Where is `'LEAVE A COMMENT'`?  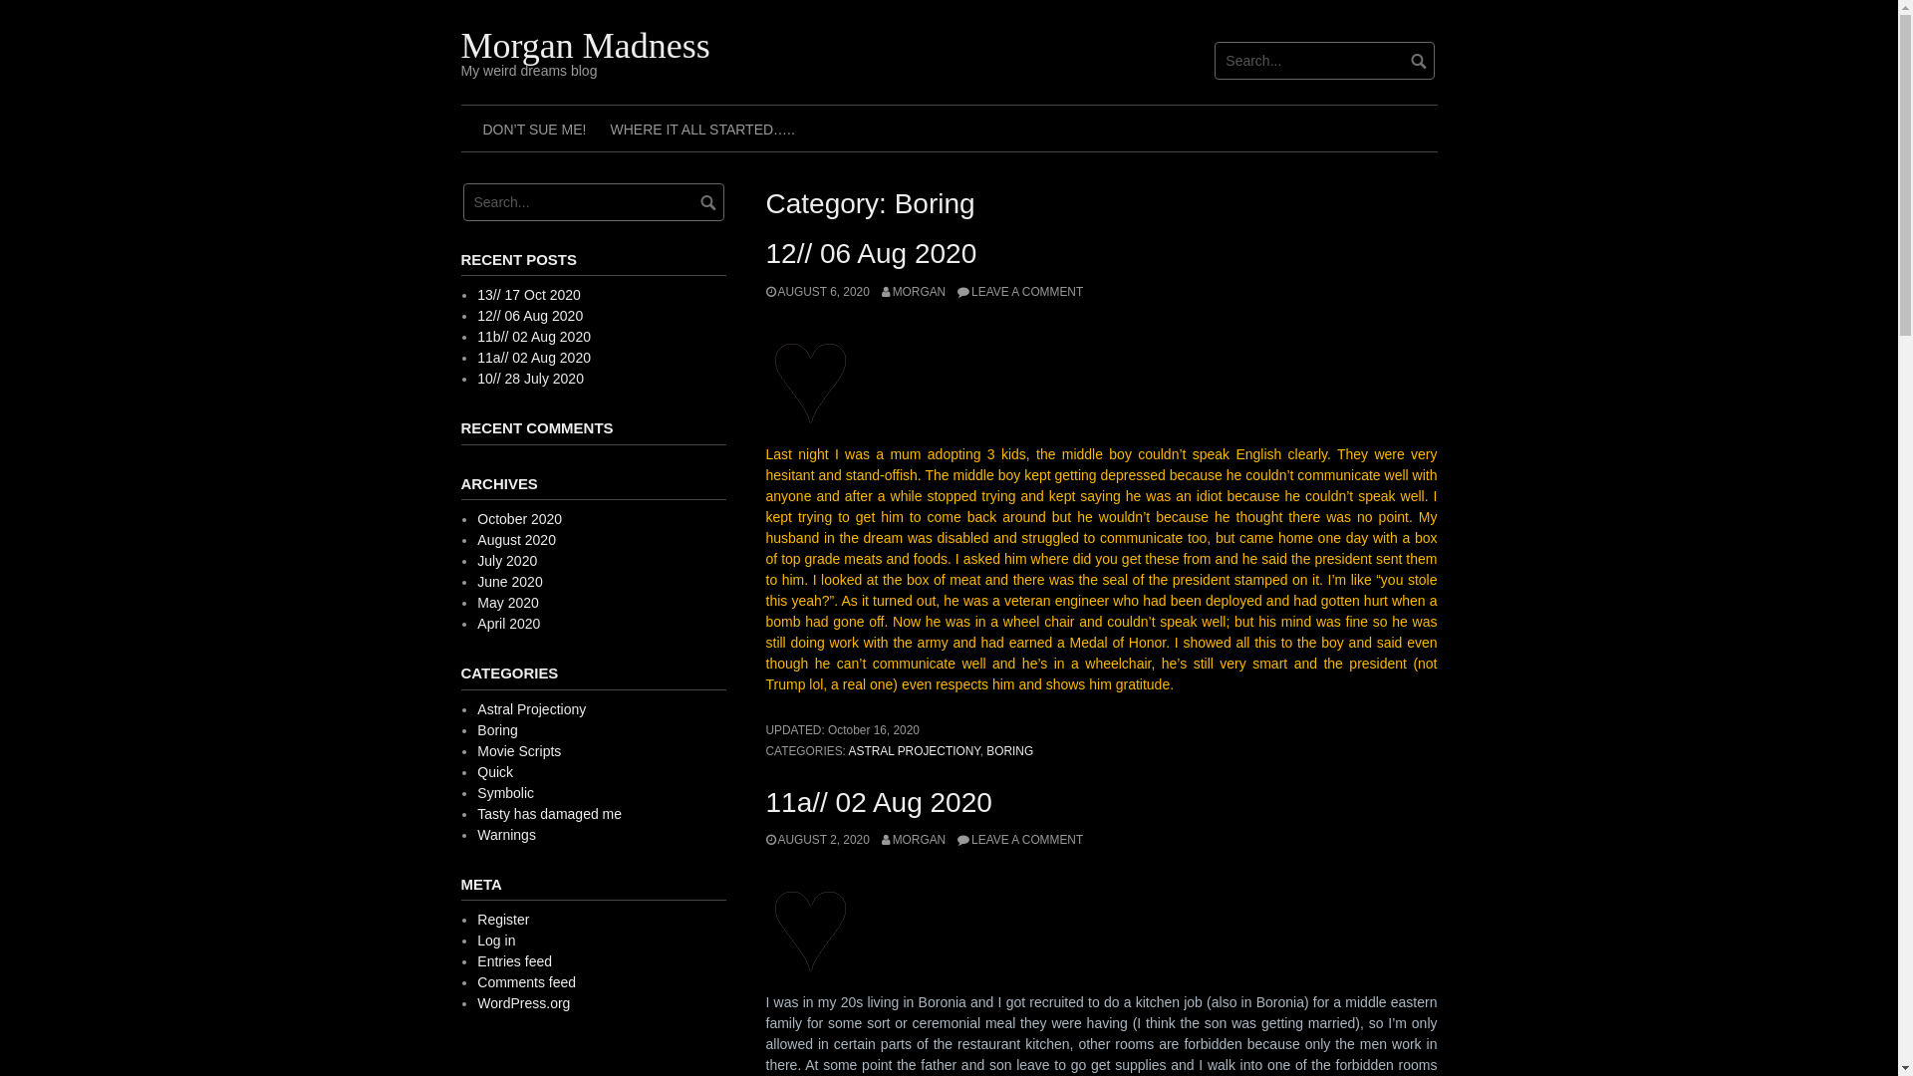
'LEAVE A COMMENT' is located at coordinates (1019, 840).